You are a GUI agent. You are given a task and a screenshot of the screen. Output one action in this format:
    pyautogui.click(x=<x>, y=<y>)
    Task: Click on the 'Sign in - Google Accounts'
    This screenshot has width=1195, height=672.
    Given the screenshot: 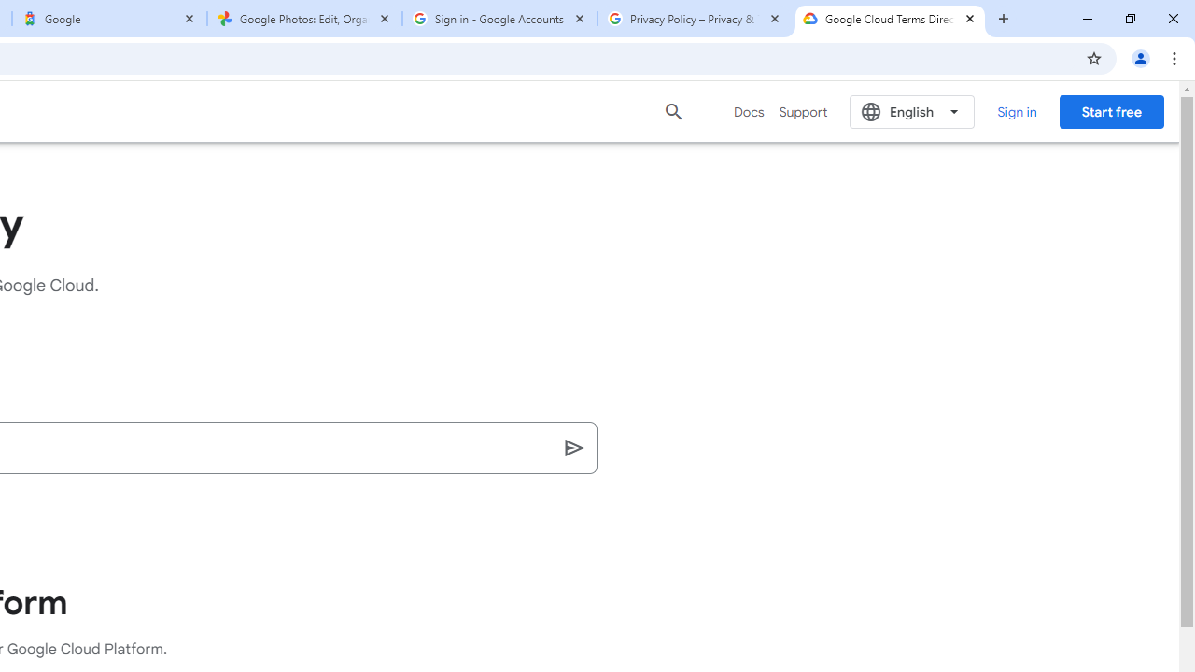 What is the action you would take?
    pyautogui.click(x=499, y=19)
    